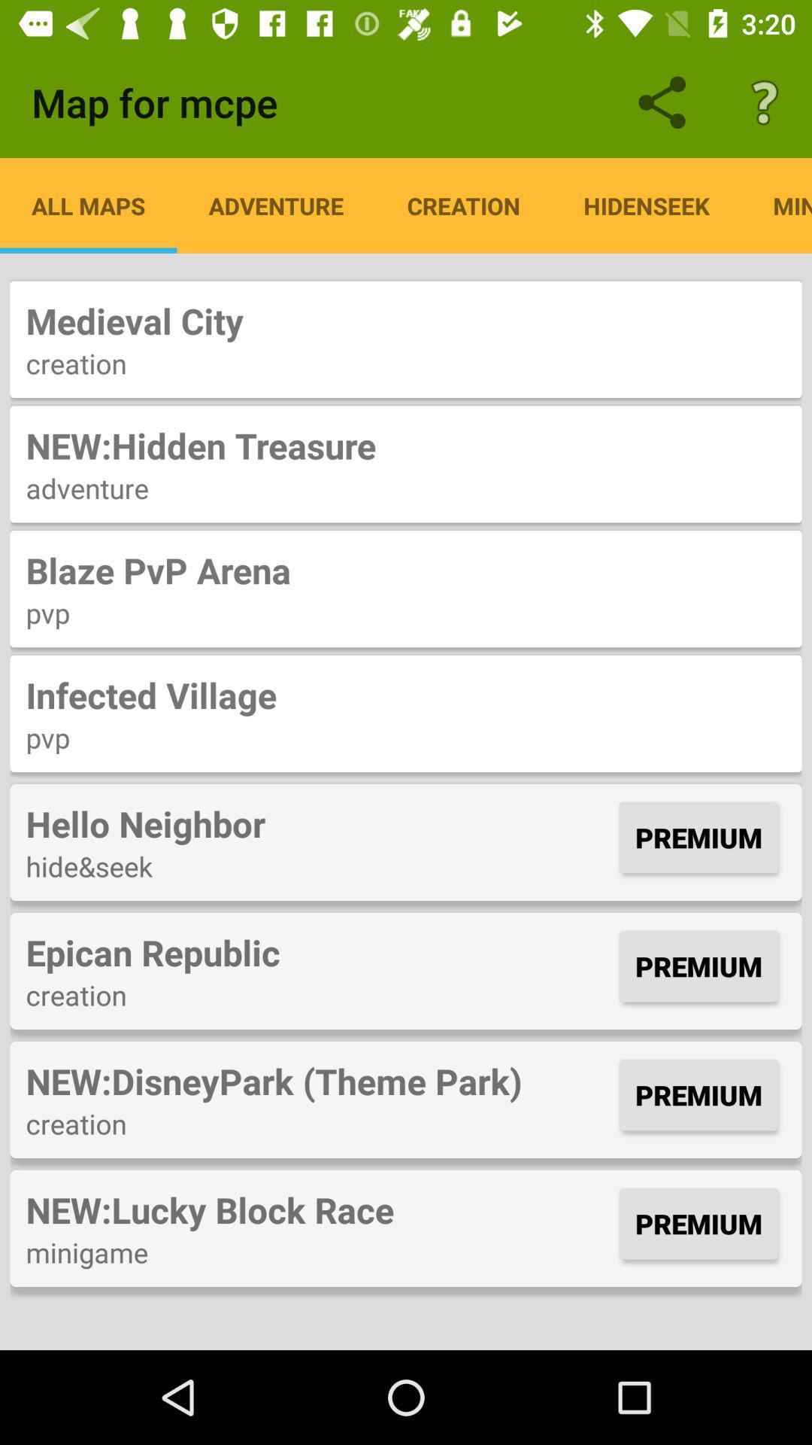 The image size is (812, 1445). Describe the element at coordinates (646, 205) in the screenshot. I see `the hidenseek icon` at that location.